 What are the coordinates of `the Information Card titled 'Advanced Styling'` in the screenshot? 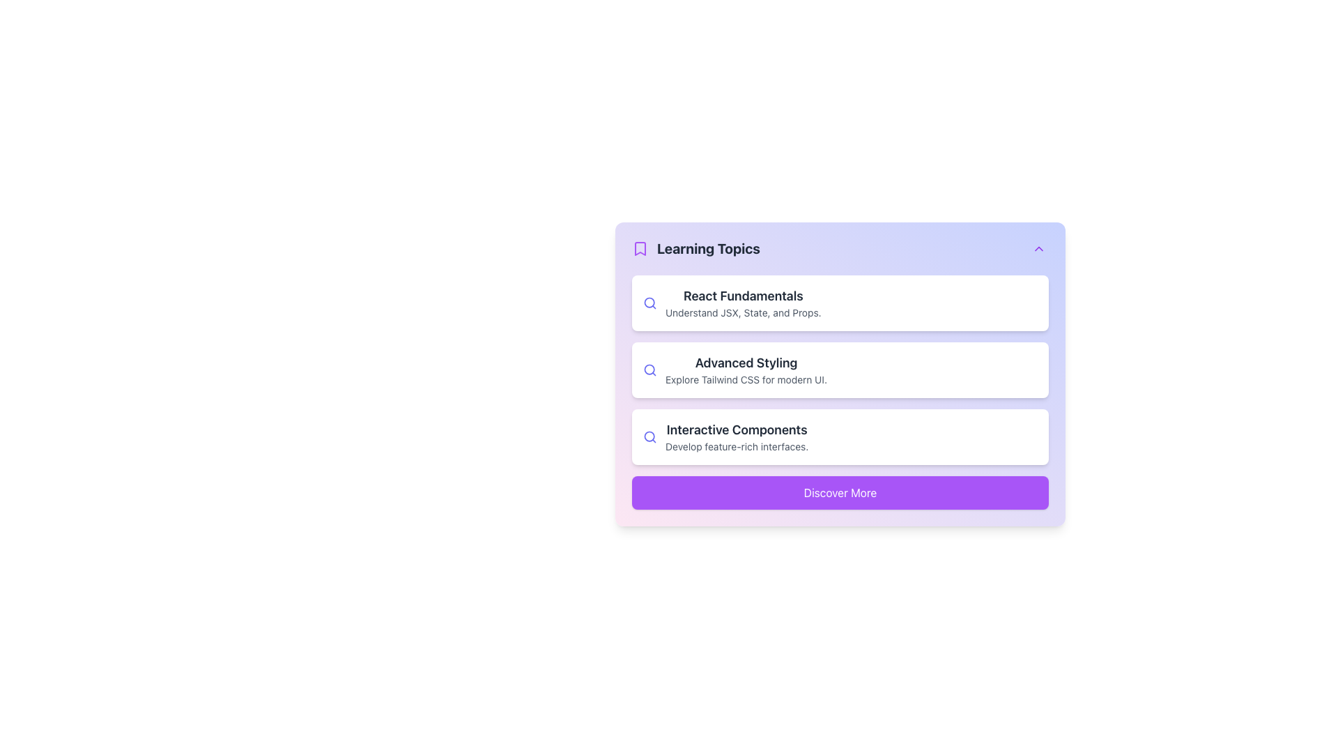 It's located at (839, 370).